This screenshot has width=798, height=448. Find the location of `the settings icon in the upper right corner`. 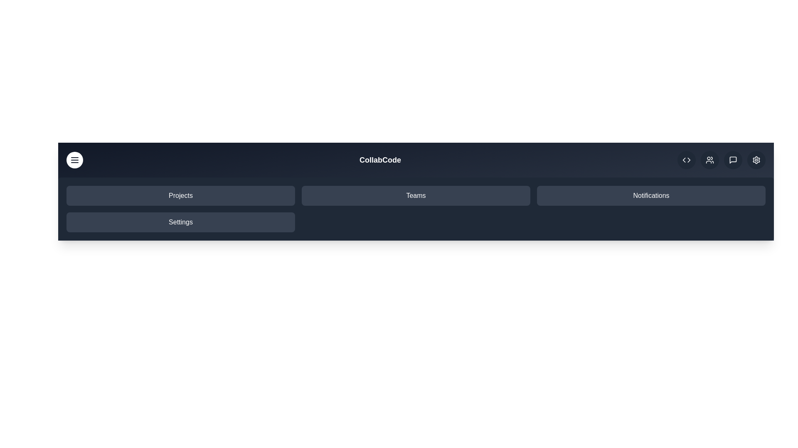

the settings icon in the upper right corner is located at coordinates (756, 160).